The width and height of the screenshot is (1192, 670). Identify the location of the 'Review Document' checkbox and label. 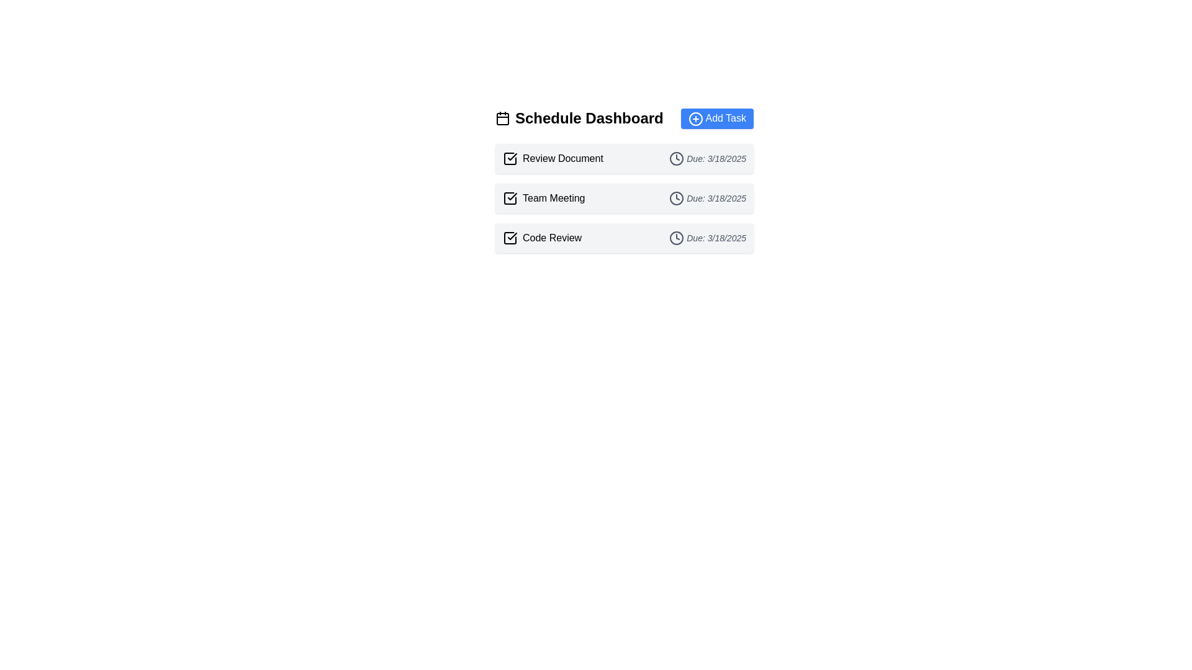
(552, 158).